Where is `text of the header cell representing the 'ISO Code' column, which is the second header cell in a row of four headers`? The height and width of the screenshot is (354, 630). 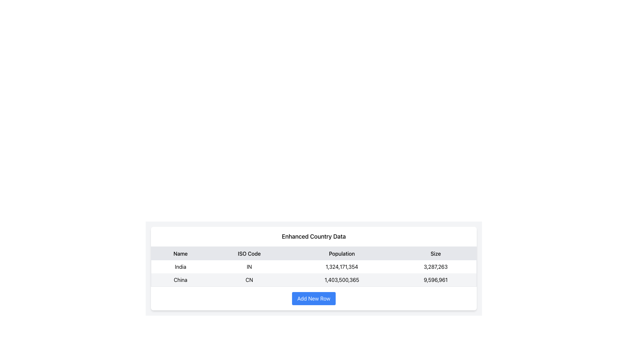
text of the header cell representing the 'ISO Code' column, which is the second header cell in a row of four headers is located at coordinates (249, 253).